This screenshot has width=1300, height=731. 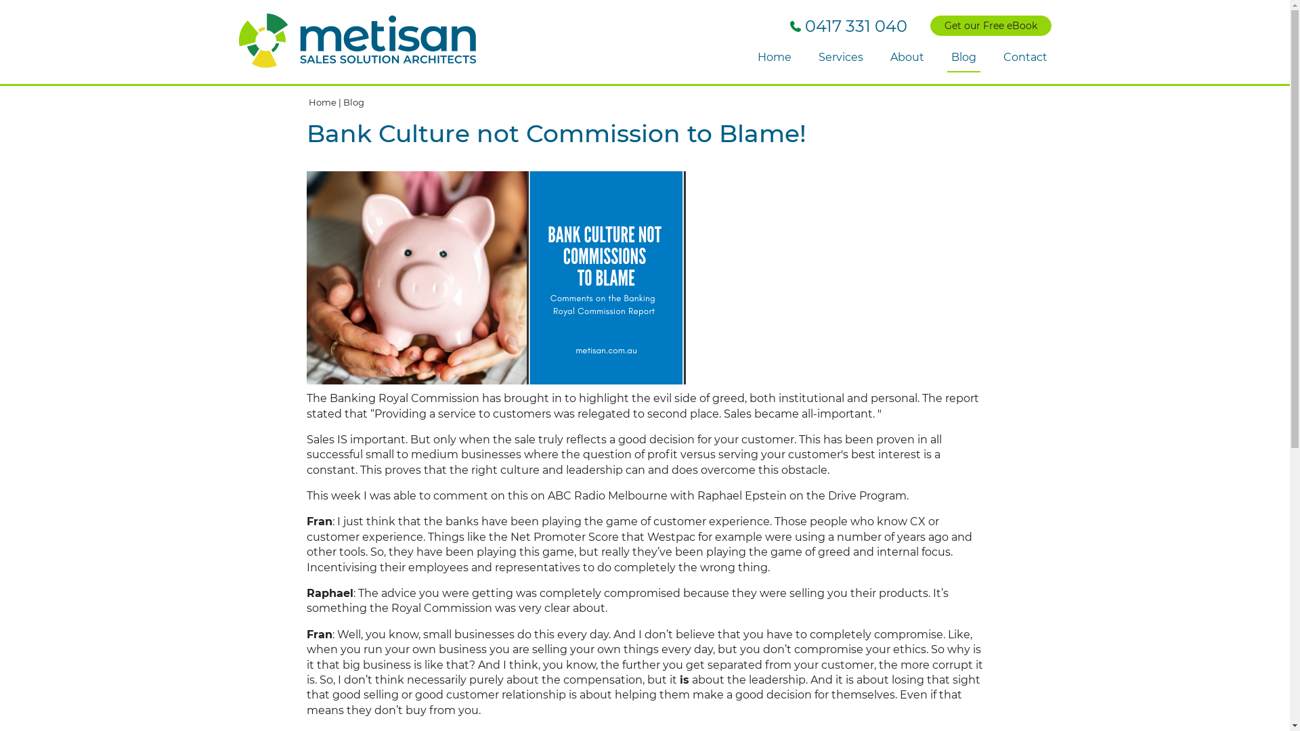 I want to click on 'Services', so click(x=840, y=57).